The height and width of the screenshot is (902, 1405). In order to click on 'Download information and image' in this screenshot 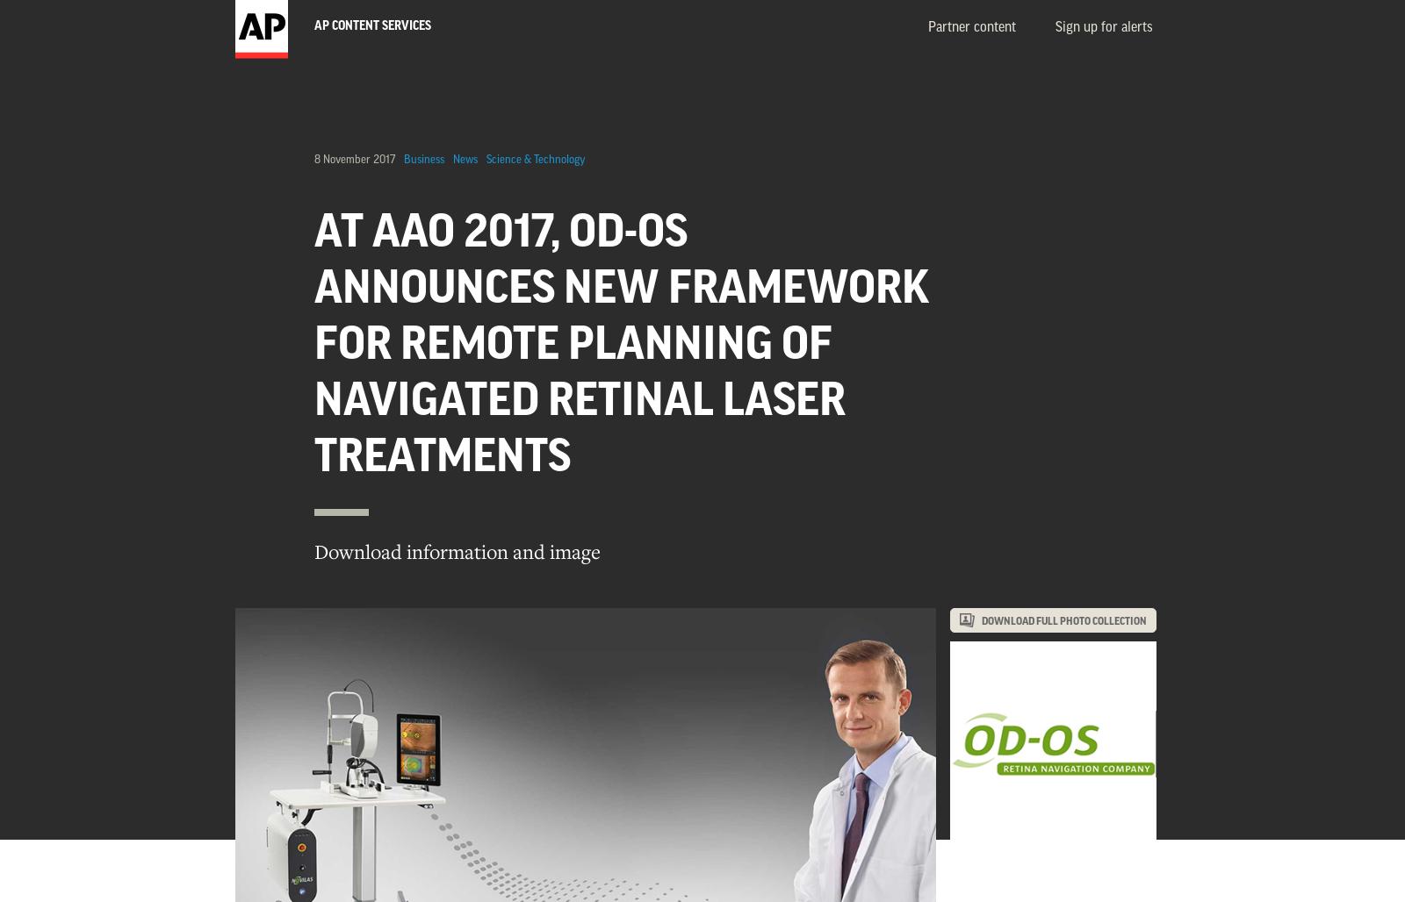, I will do `click(456, 550)`.